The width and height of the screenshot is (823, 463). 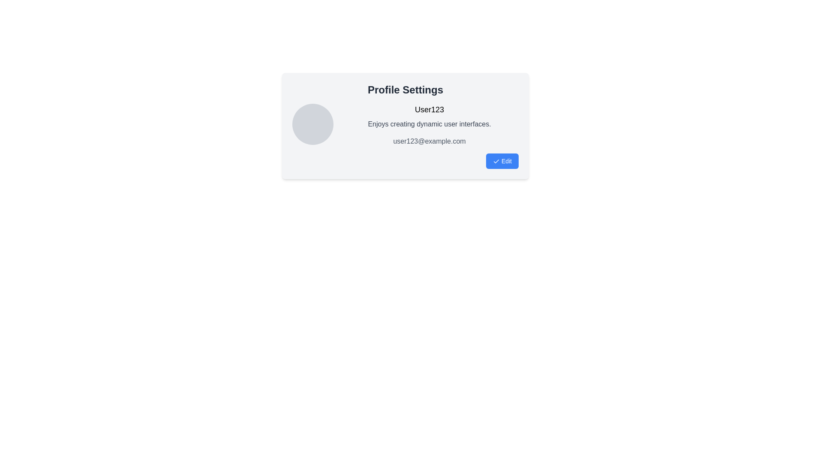 I want to click on displayed information from the text block that includes the title 'User123', the description 'Enjoys creating dynamic user interfaces.', and the email 'user123@example.com', so click(x=430, y=125).